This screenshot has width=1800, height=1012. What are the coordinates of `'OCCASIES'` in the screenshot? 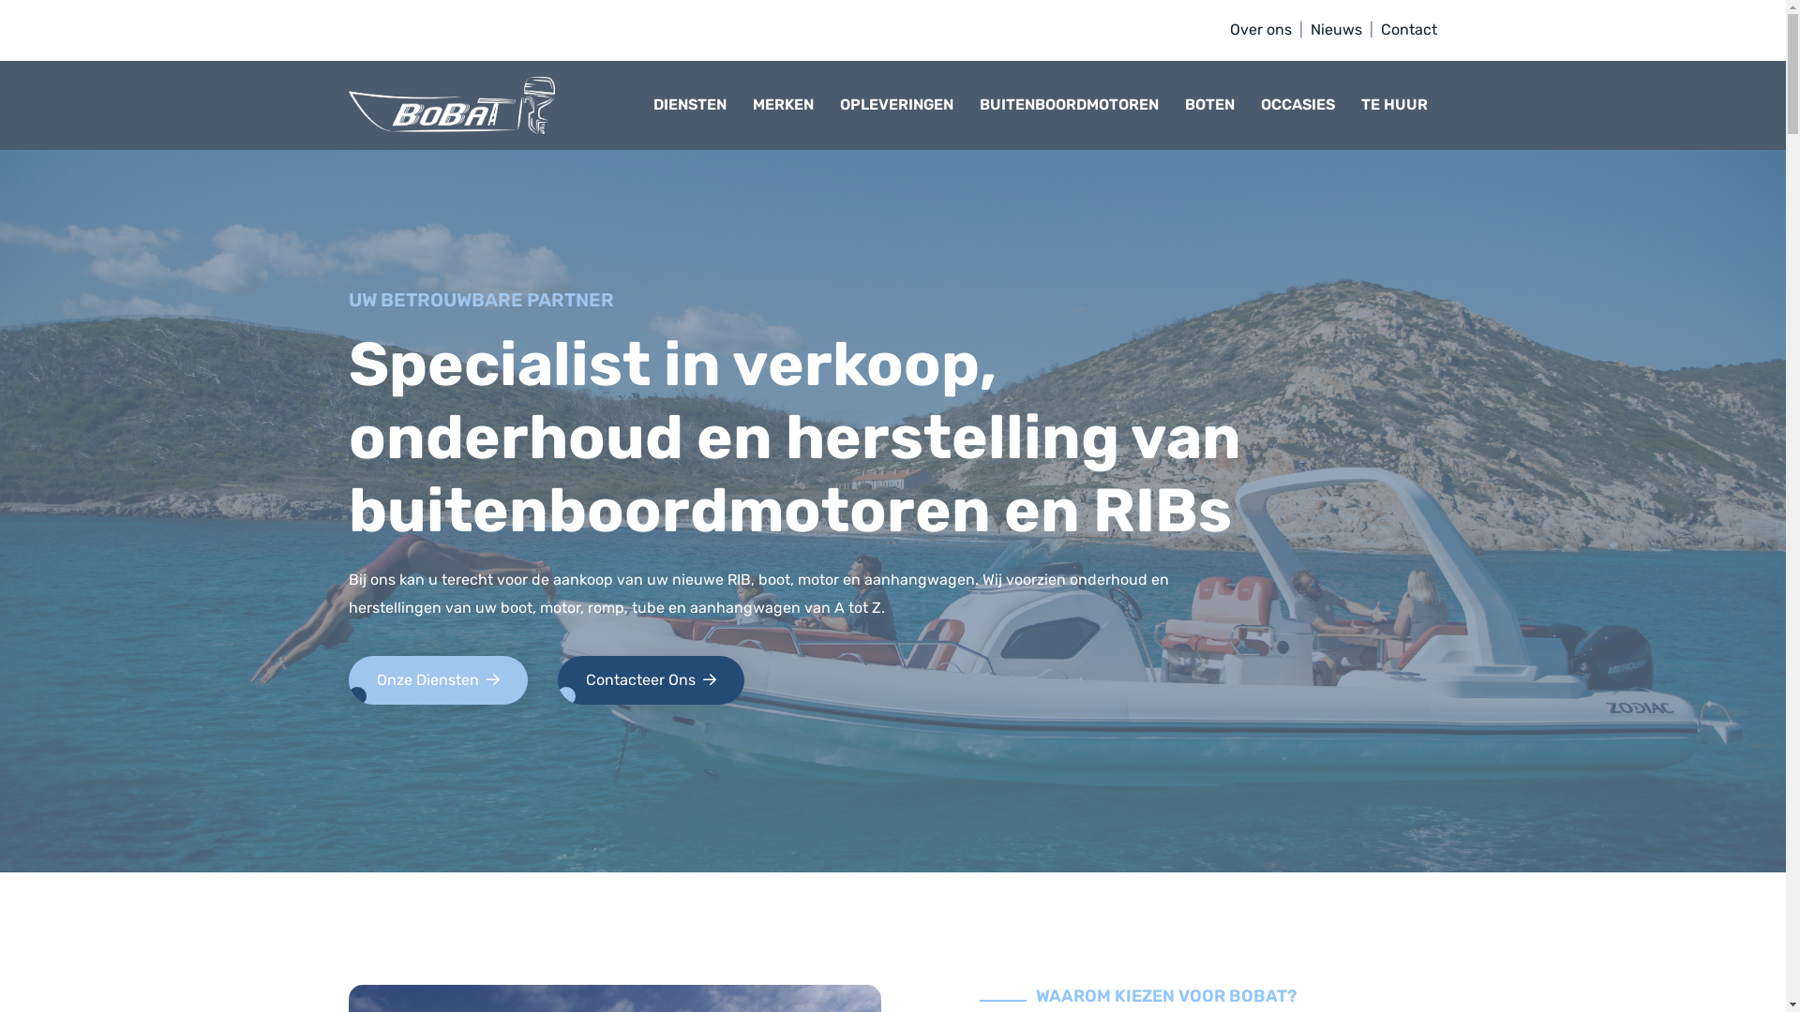 It's located at (1301, 105).